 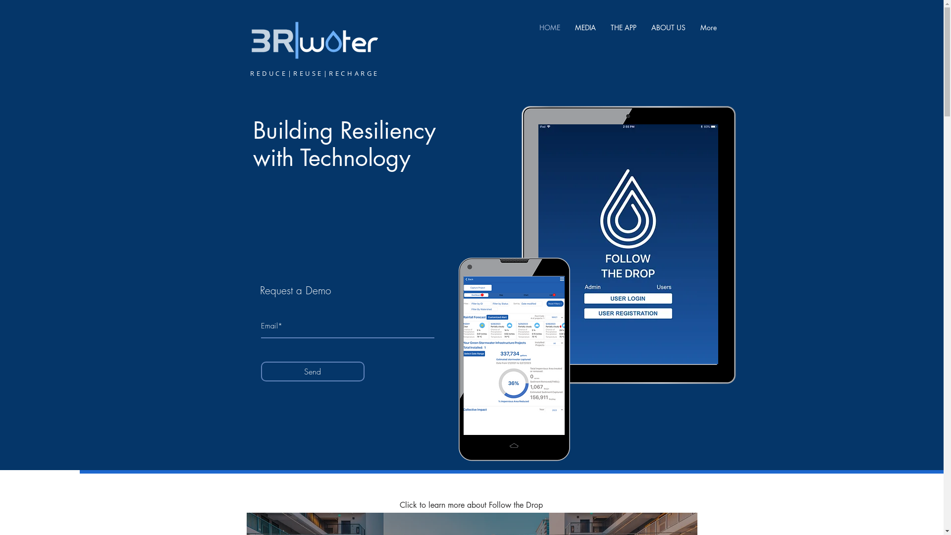 I want to click on 'MEDIA', so click(x=568, y=27).